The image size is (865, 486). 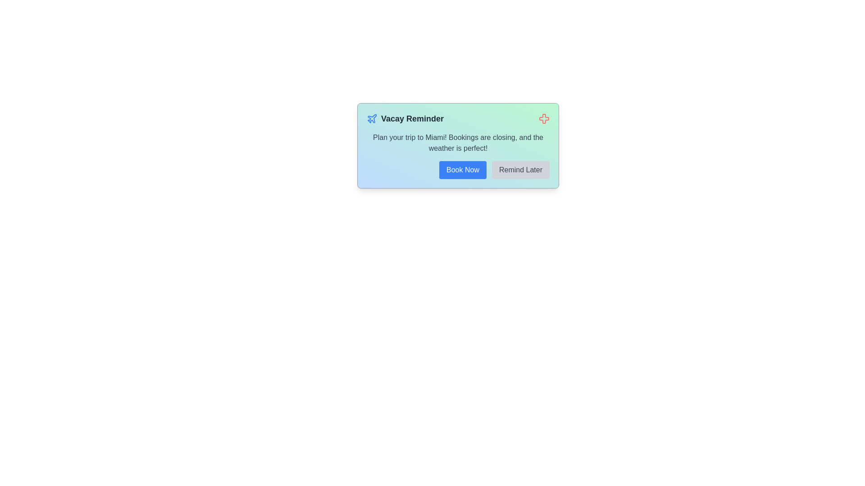 What do you see at coordinates (544, 118) in the screenshot?
I see `the close button located at the upper-right corner of the 'Vacay Reminder' card to observe any potential hover effects` at bounding box center [544, 118].